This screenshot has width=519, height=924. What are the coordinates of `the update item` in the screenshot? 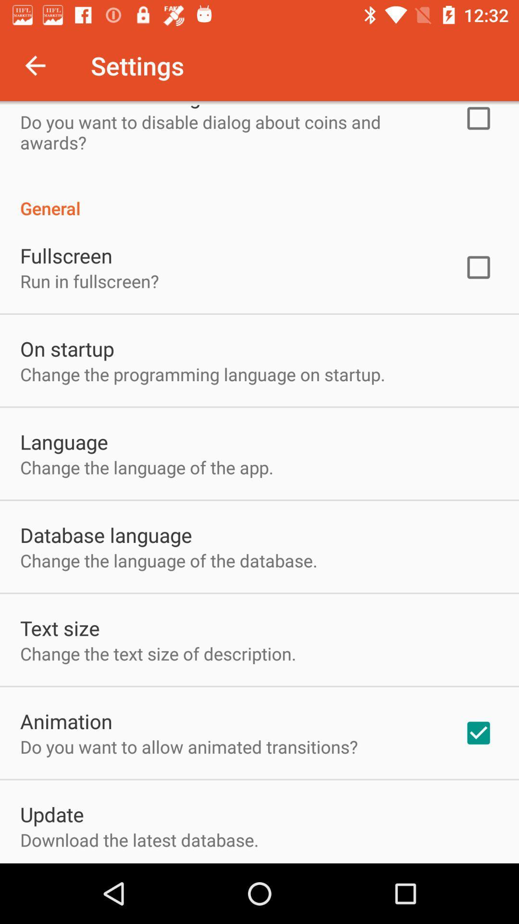 It's located at (52, 813).